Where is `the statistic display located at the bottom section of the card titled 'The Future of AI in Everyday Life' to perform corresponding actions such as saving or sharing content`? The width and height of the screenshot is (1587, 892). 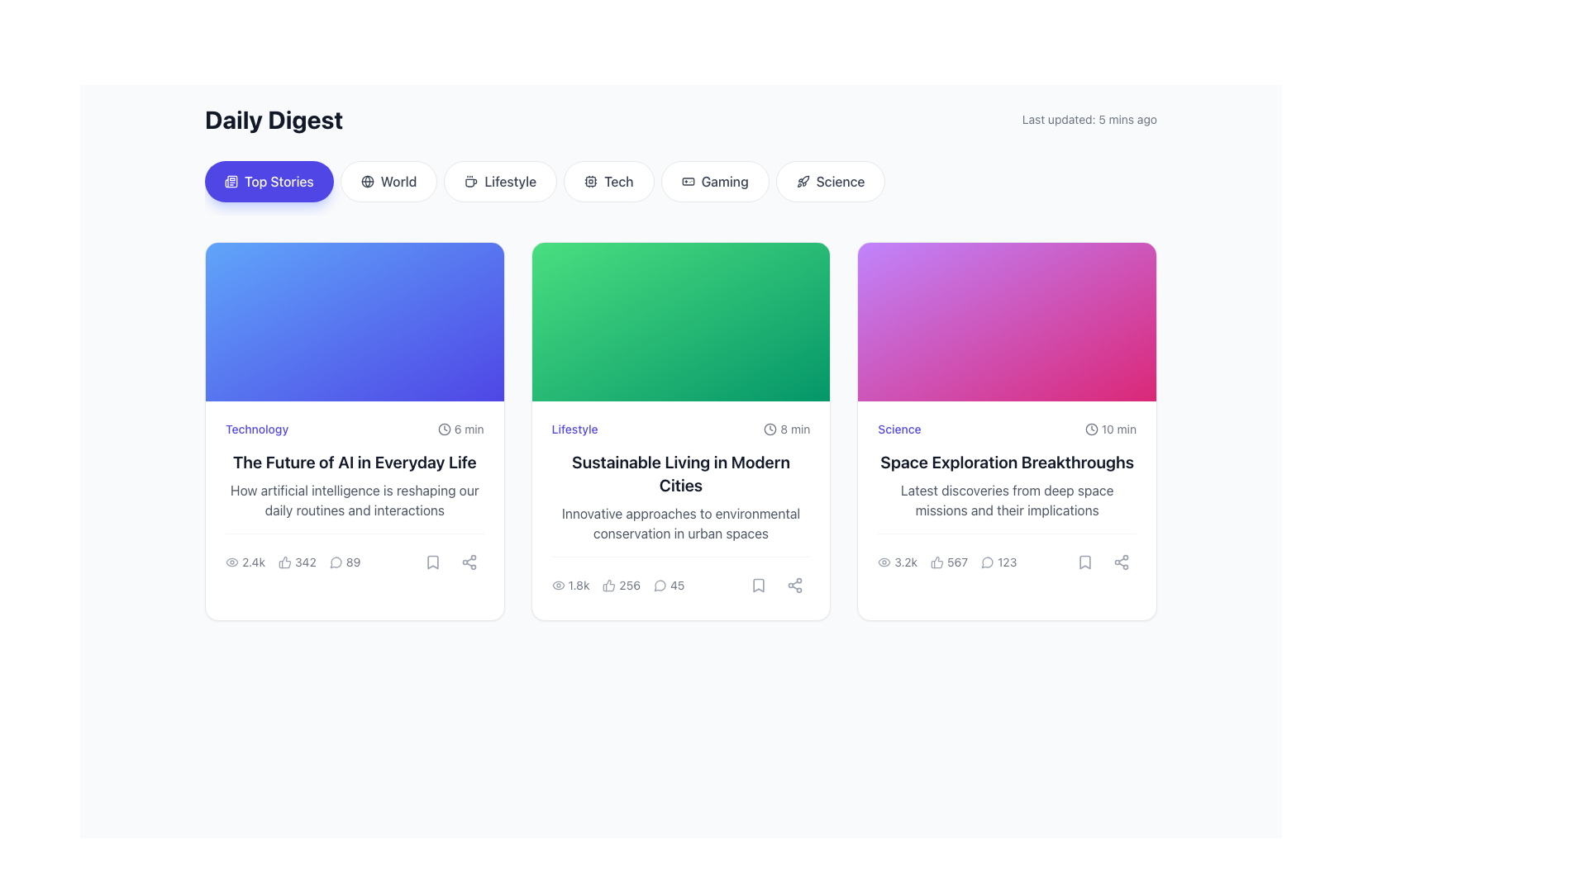
the statistic display located at the bottom section of the card titled 'The Future of AI in Everyday Life' to perform corresponding actions such as saving or sharing content is located at coordinates (354, 555).